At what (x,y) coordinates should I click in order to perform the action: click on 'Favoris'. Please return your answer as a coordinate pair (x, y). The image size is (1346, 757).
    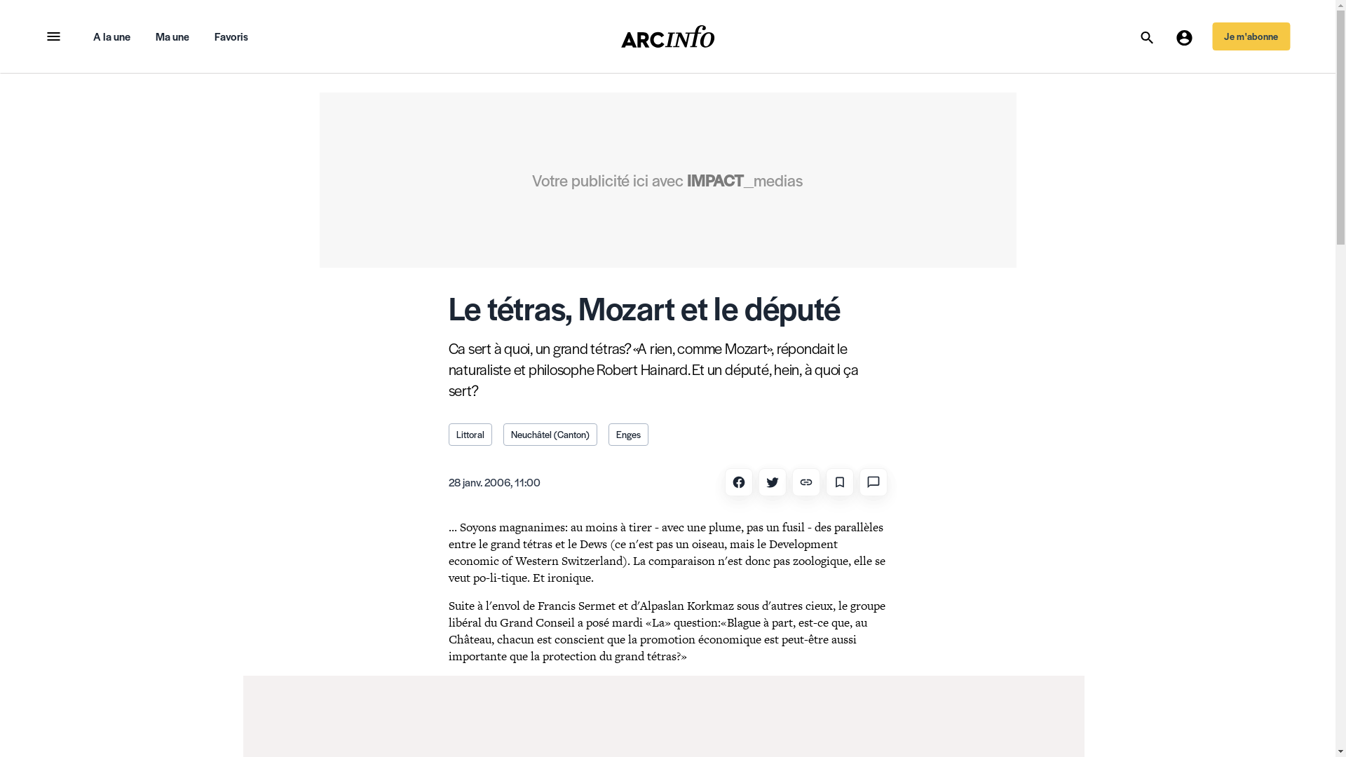
    Looking at the image, I should click on (231, 35).